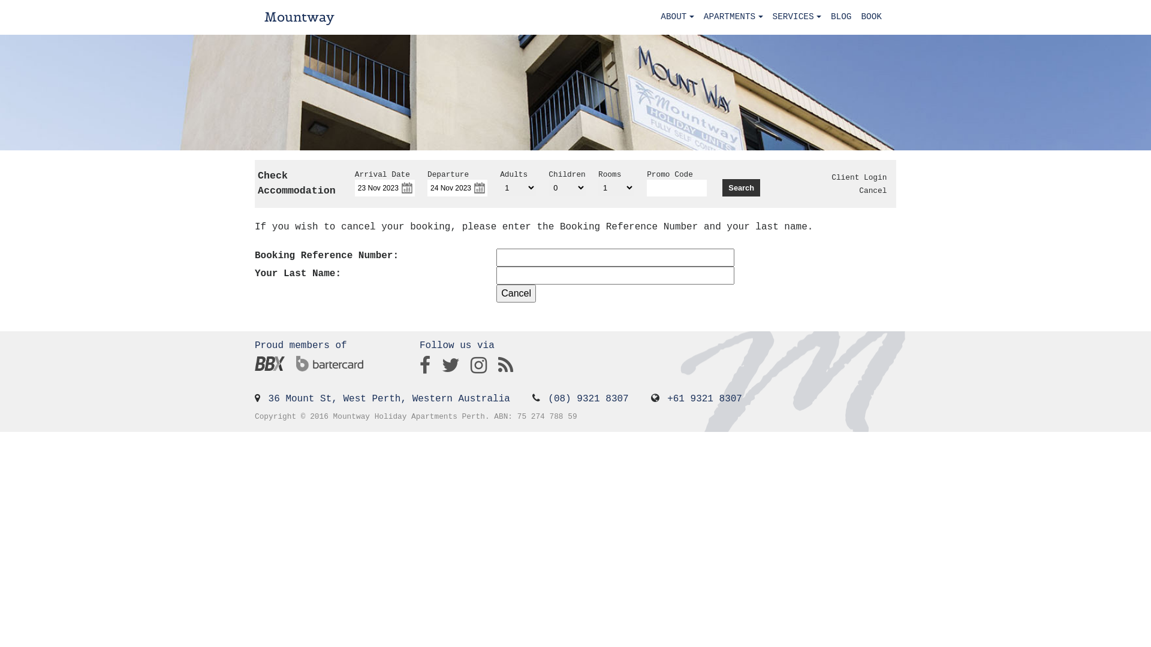  Describe the element at coordinates (667, 399) in the screenshot. I see `'+61 9321 8307'` at that location.